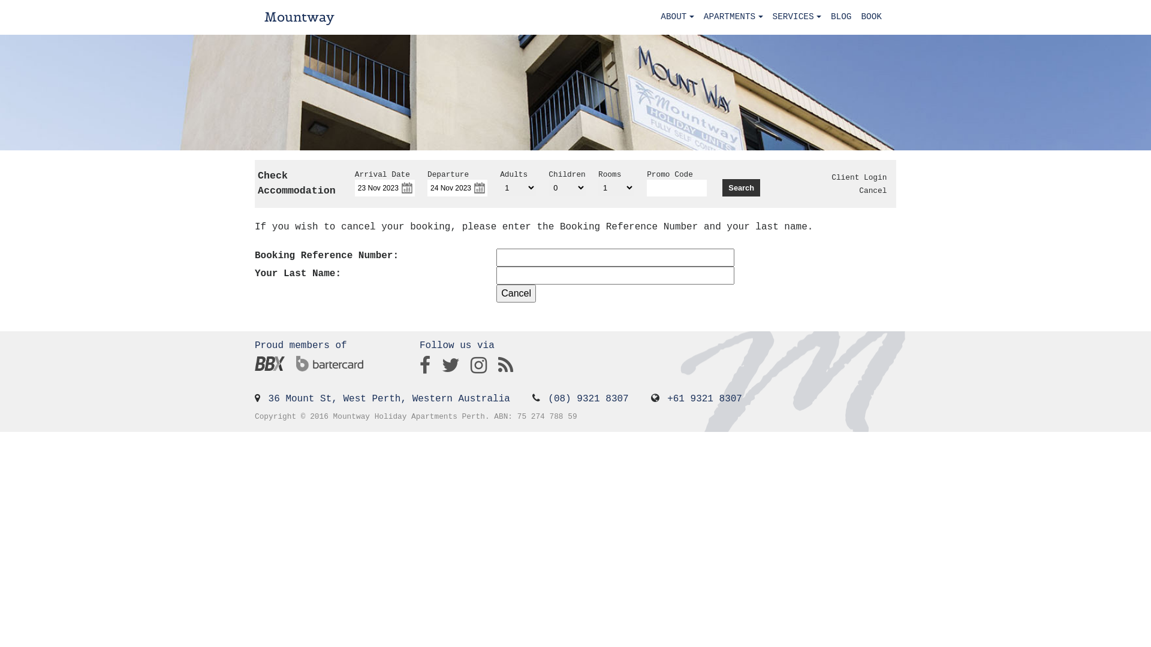  Describe the element at coordinates (667, 399) in the screenshot. I see `'+61 9321 8307'` at that location.